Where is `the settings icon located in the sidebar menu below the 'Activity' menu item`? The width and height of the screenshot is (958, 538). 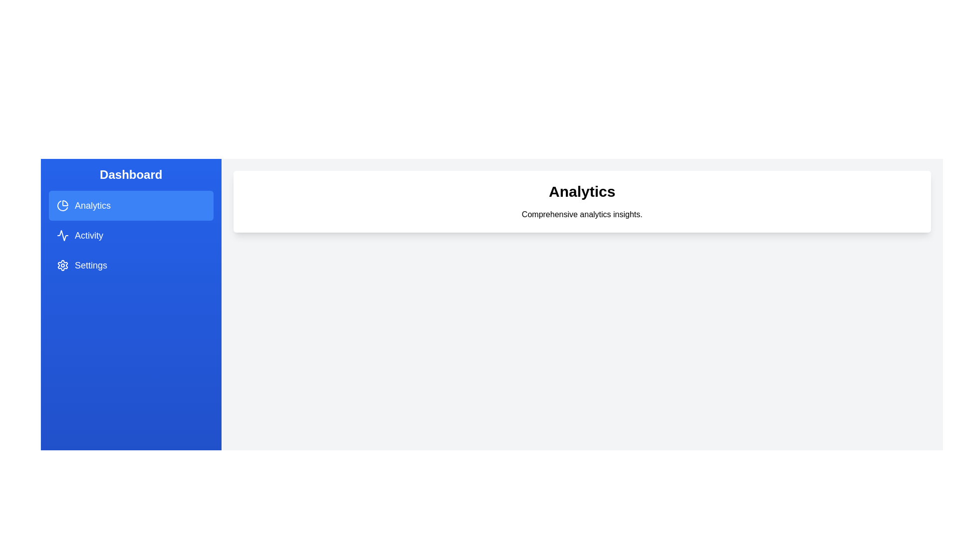 the settings icon located in the sidebar menu below the 'Activity' menu item is located at coordinates (62, 265).